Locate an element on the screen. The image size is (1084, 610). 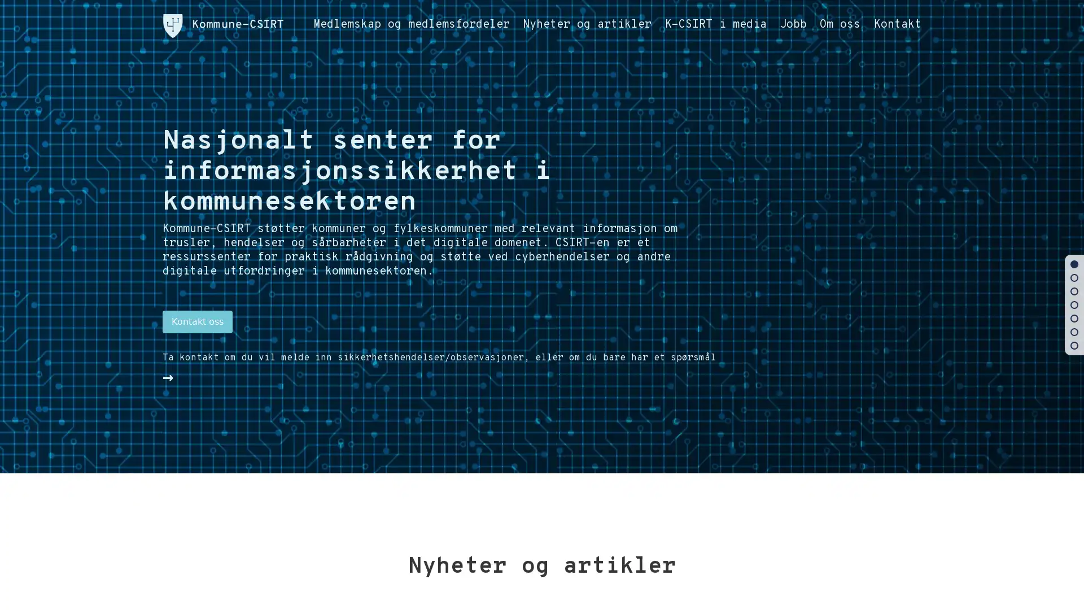
Kontakt oss is located at coordinates (198, 322).